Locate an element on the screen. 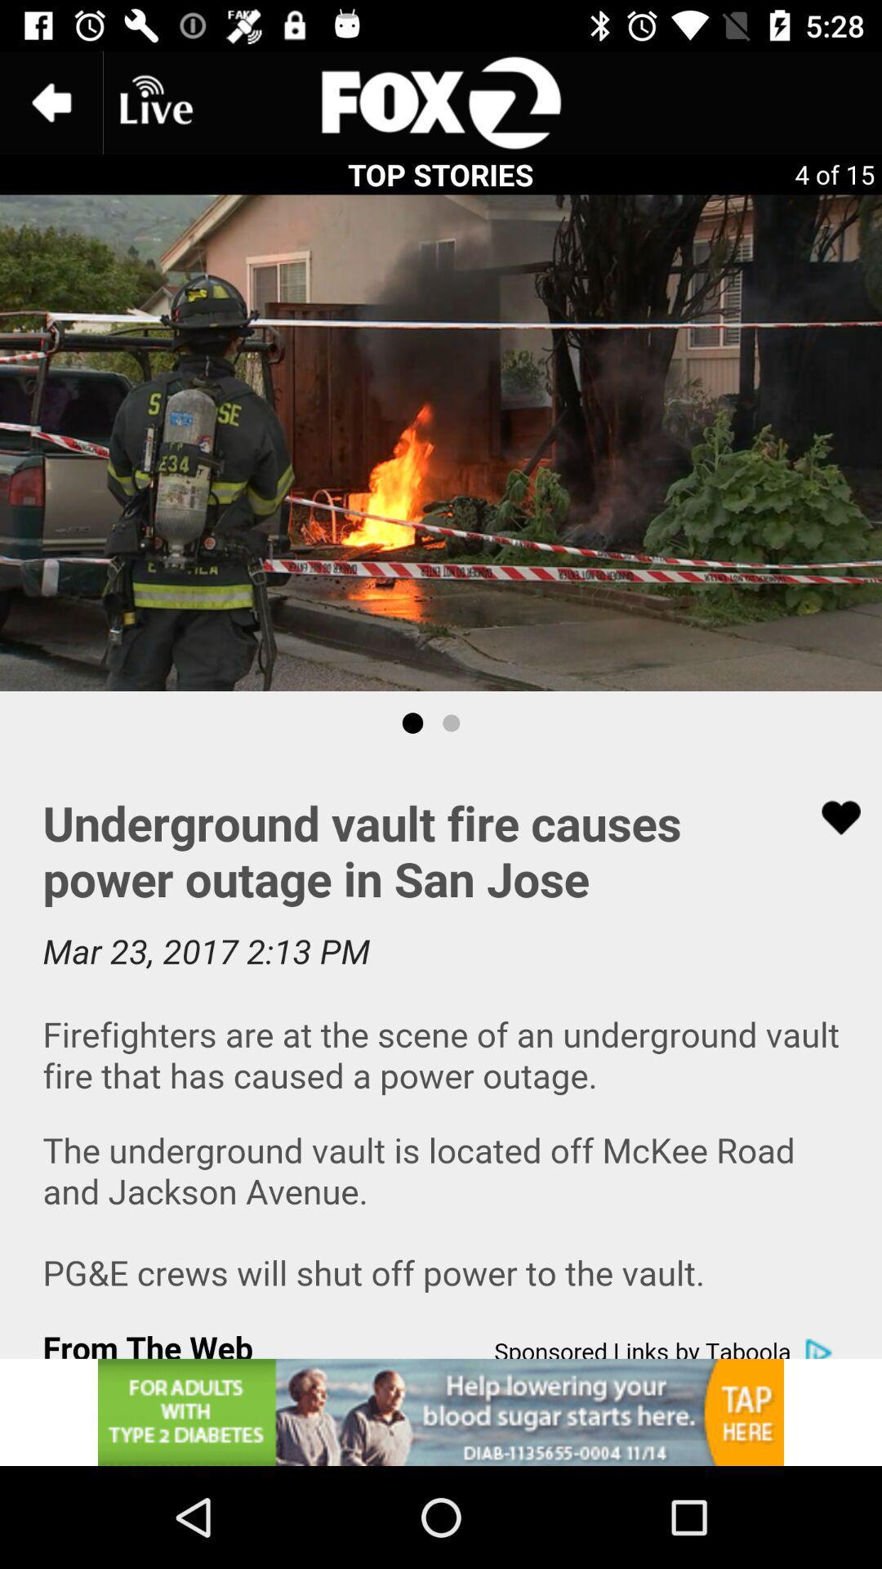 The width and height of the screenshot is (882, 1569). like button is located at coordinates (831, 817).